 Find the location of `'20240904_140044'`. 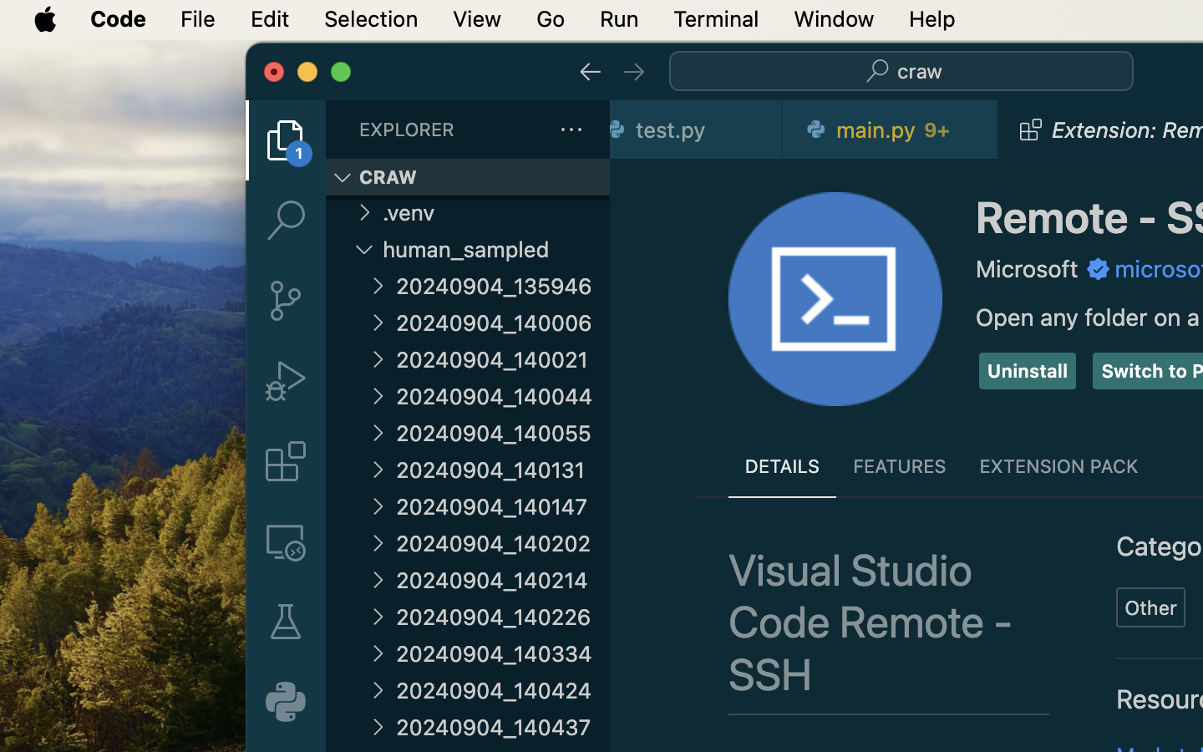

'20240904_140044' is located at coordinates (502, 395).